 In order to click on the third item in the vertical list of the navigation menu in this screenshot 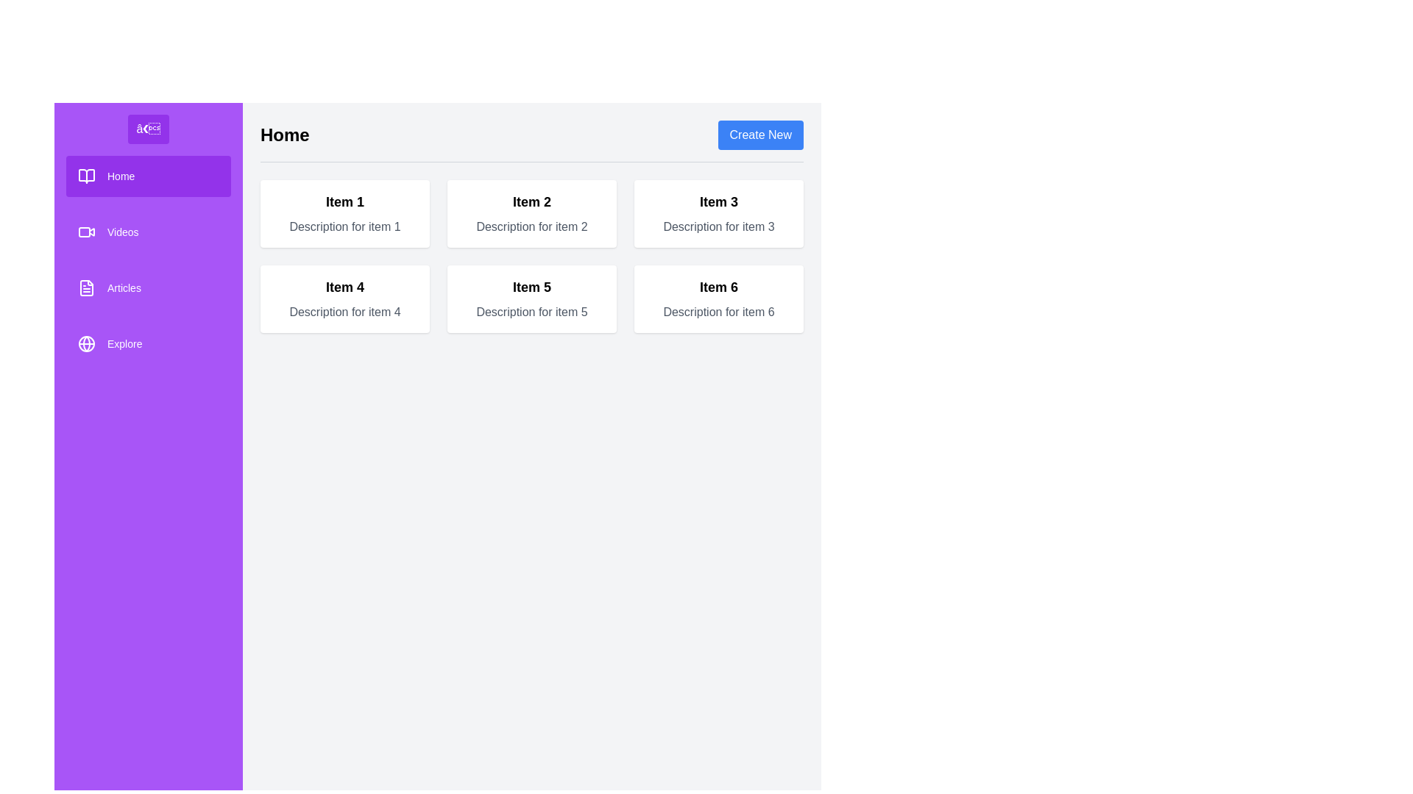, I will do `click(148, 288)`.